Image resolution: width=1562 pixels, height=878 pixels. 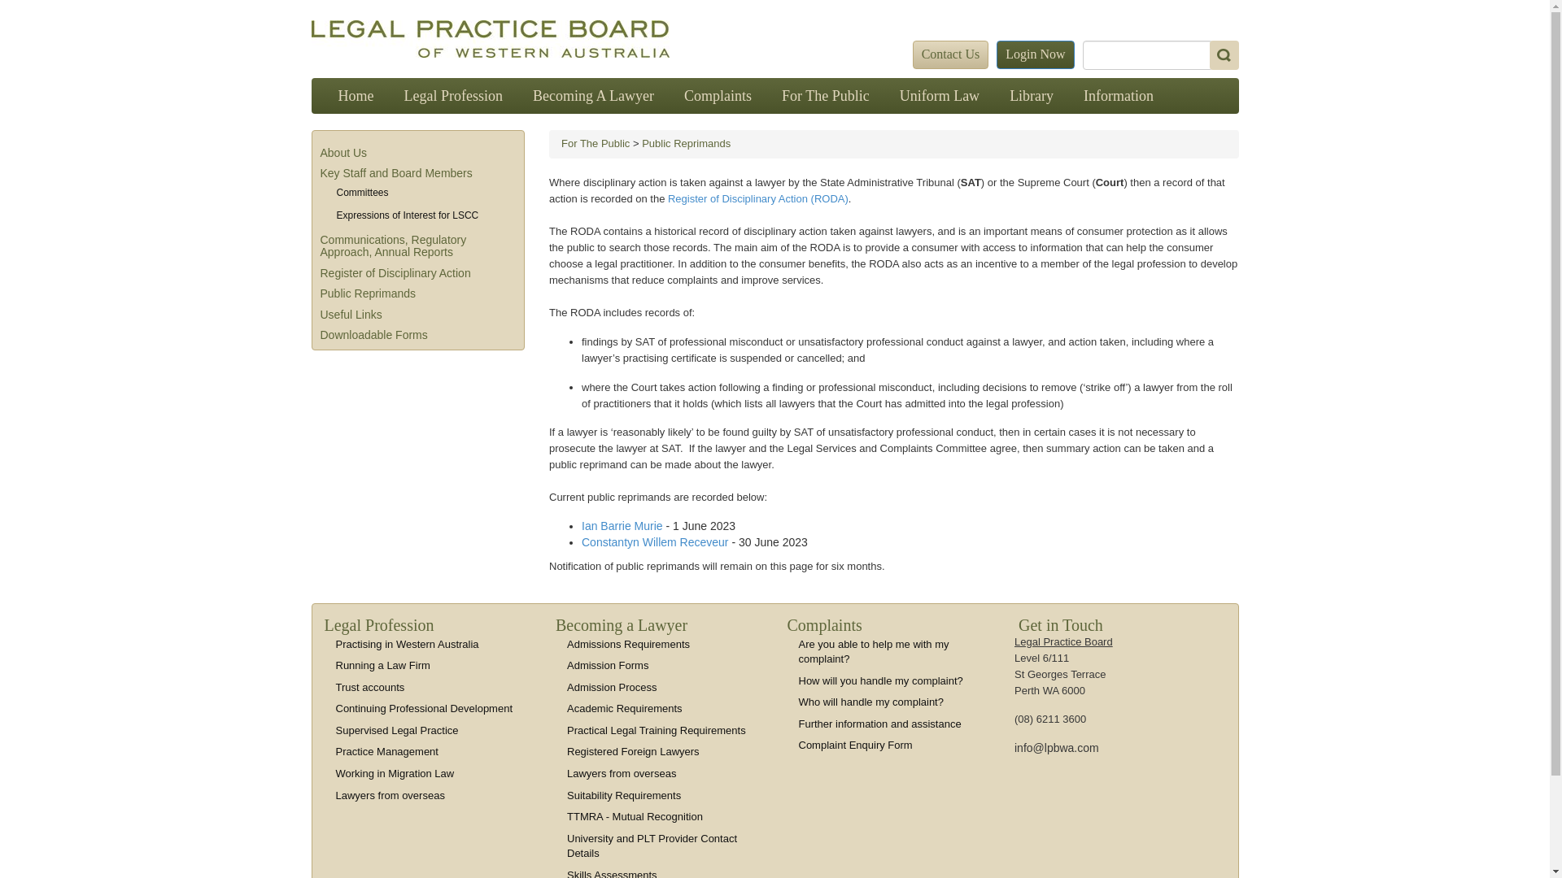 I want to click on 'Information', so click(x=1069, y=96).